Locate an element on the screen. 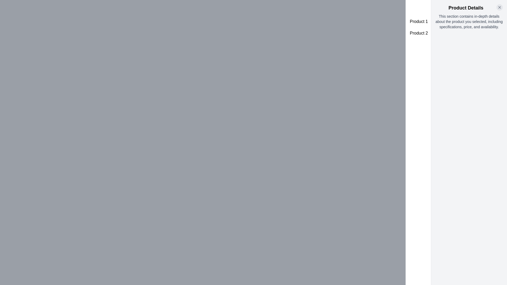 The height and width of the screenshot is (285, 507). the 'Product Details' label, which is a bold and large textual label located in the right sidebar, positioned below a close button and above a descriptive text paragraph is located at coordinates (469, 8).